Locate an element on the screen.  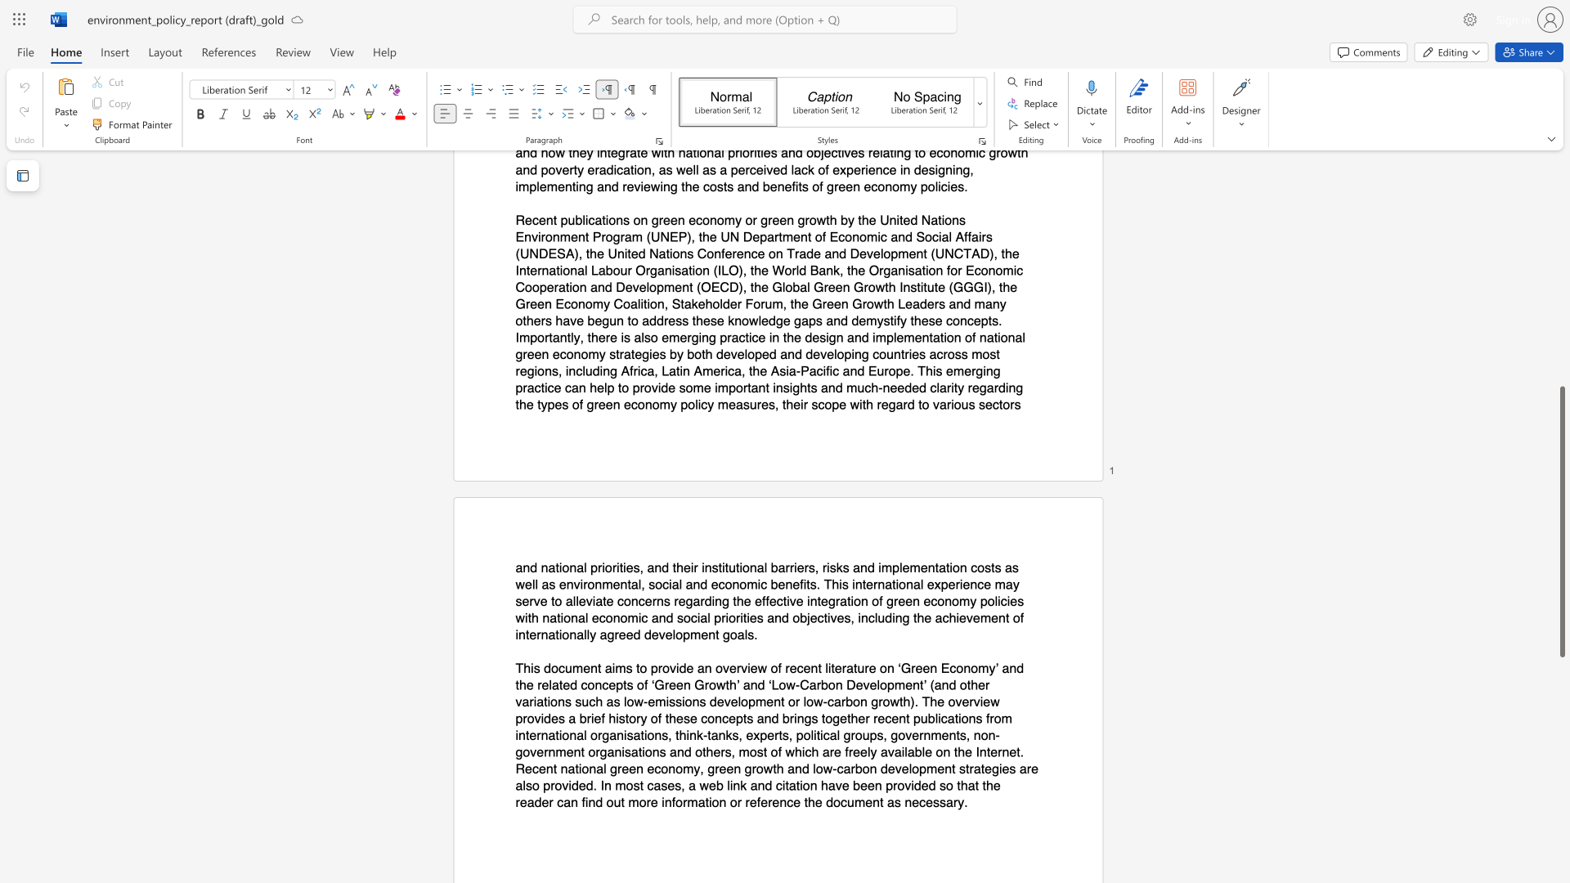
the scrollbar on the right to shift the page higher is located at coordinates (1561, 384).